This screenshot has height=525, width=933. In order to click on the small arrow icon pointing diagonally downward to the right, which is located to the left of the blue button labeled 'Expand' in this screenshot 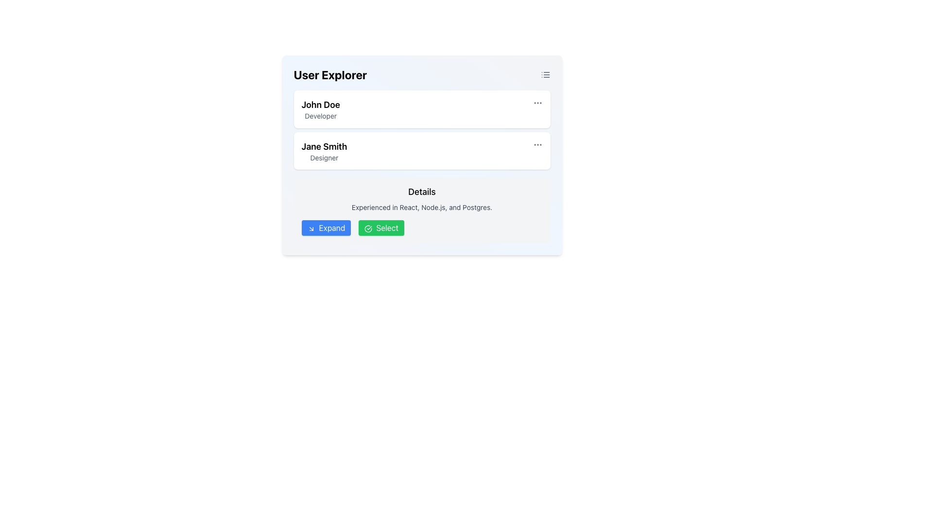, I will do `click(311, 228)`.